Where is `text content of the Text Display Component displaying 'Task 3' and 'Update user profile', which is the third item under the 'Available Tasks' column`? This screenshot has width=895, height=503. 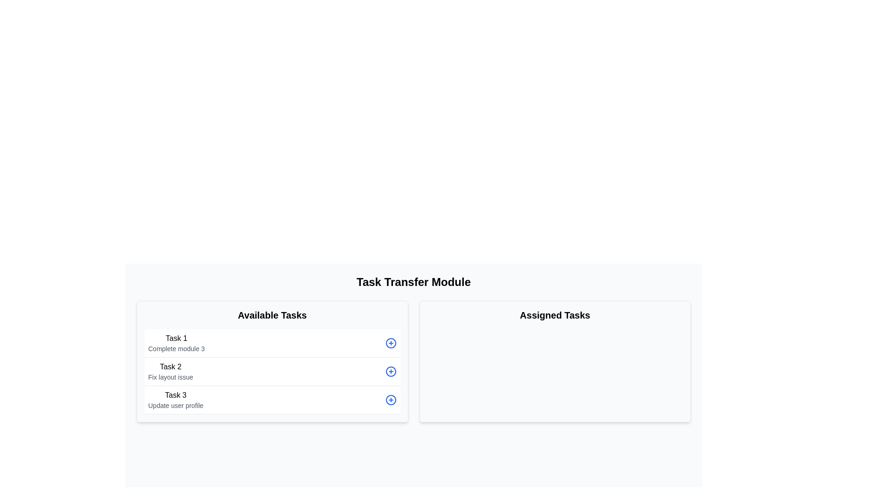 text content of the Text Display Component displaying 'Task 3' and 'Update user profile', which is the third item under the 'Available Tasks' column is located at coordinates (176, 400).